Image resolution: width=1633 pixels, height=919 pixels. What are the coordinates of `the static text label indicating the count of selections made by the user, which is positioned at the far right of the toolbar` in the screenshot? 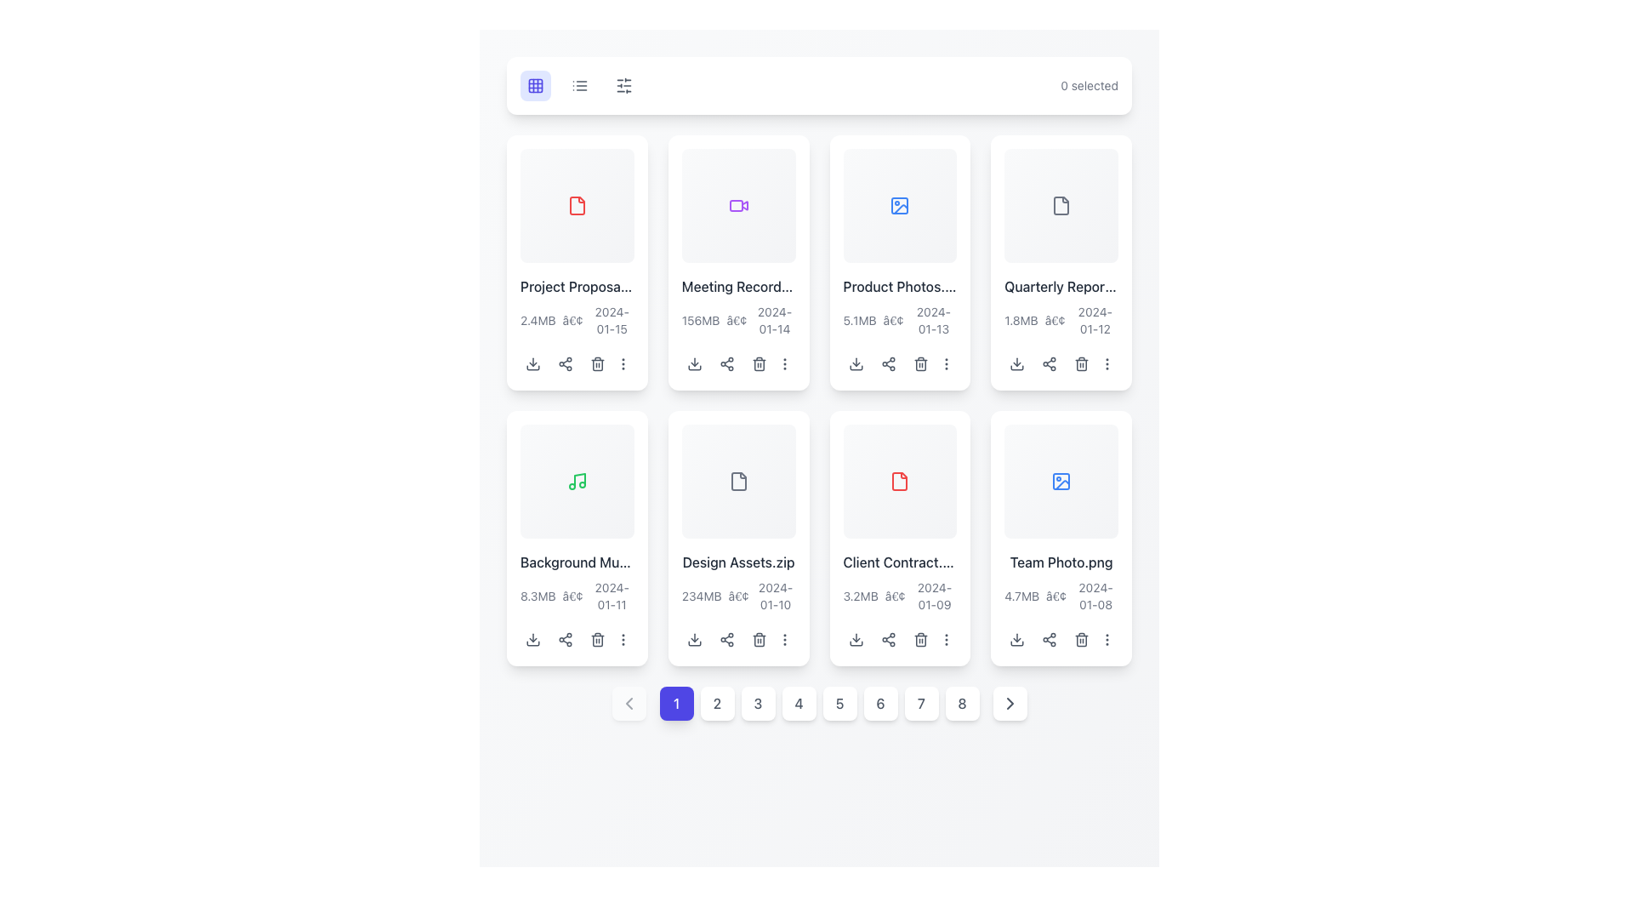 It's located at (1090, 85).